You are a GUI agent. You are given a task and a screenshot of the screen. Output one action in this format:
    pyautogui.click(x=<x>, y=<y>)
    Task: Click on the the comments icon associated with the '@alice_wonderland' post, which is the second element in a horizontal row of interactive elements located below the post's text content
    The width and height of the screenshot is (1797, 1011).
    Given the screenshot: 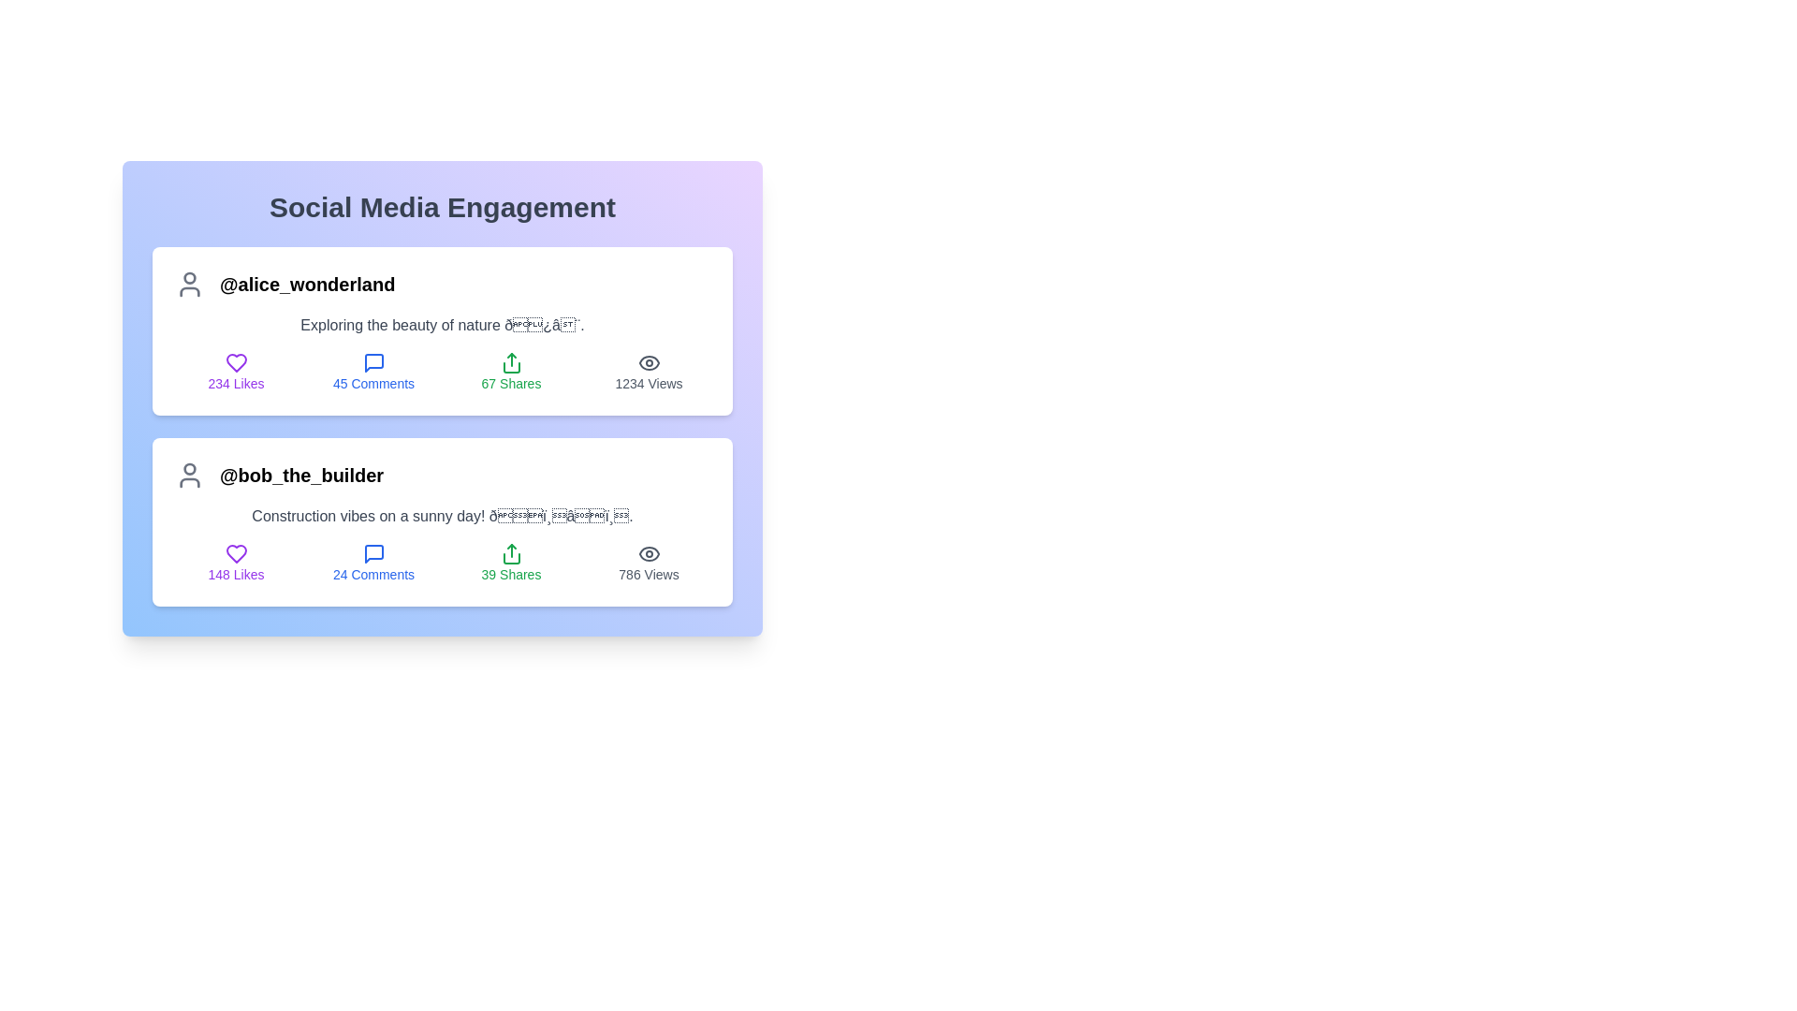 What is the action you would take?
    pyautogui.click(x=373, y=363)
    